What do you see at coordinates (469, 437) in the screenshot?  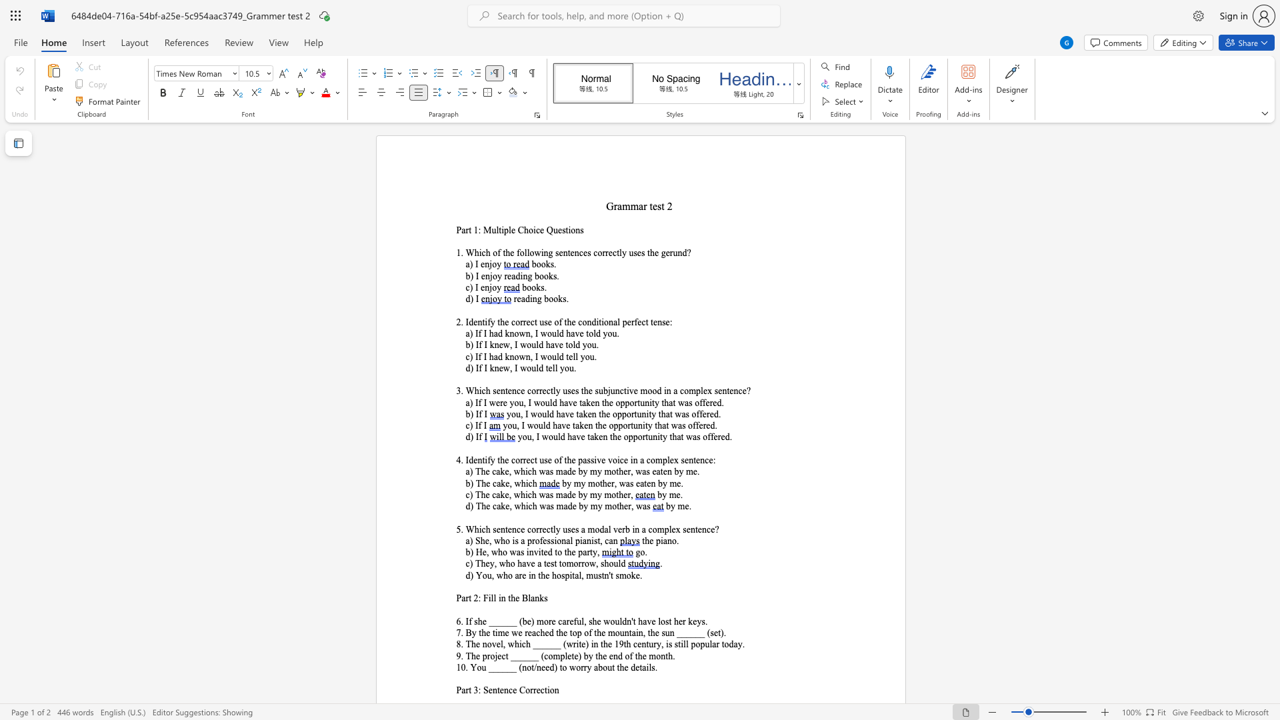 I see `the space between the continuous character "d" and ")" in the text` at bounding box center [469, 437].